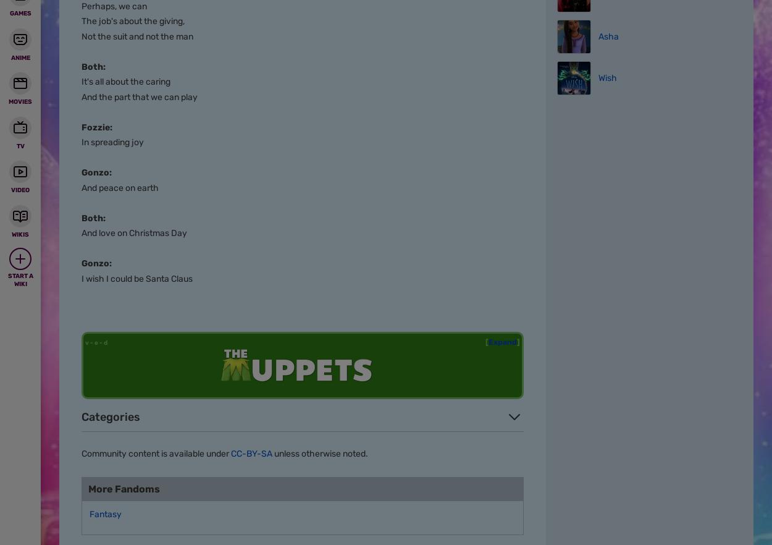 The image size is (772, 545). Describe the element at coordinates (117, 42) in the screenshot. I see `'Fandom'` at that location.